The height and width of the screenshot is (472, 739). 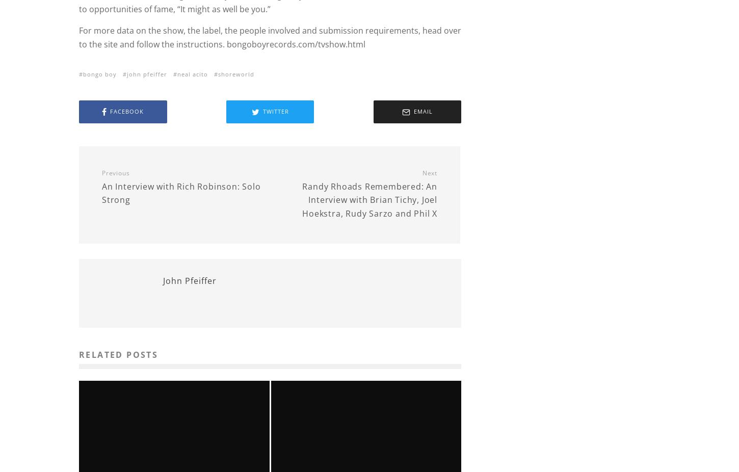 What do you see at coordinates (147, 73) in the screenshot?
I see `'john pfeiffer'` at bounding box center [147, 73].